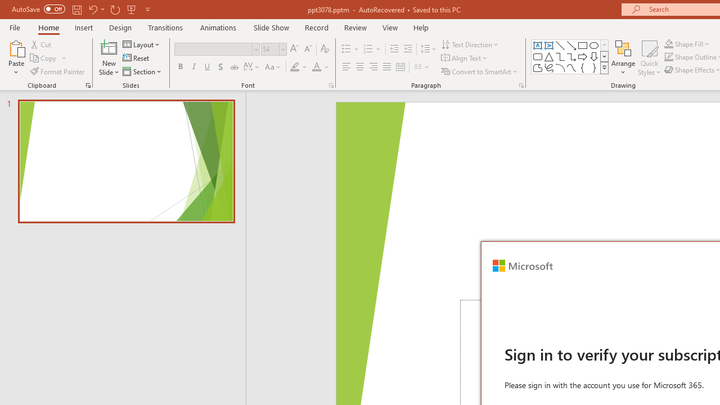 Image resolution: width=720 pixels, height=405 pixels. I want to click on 'Shape Fill Dark Green, Accent 2', so click(669, 43).